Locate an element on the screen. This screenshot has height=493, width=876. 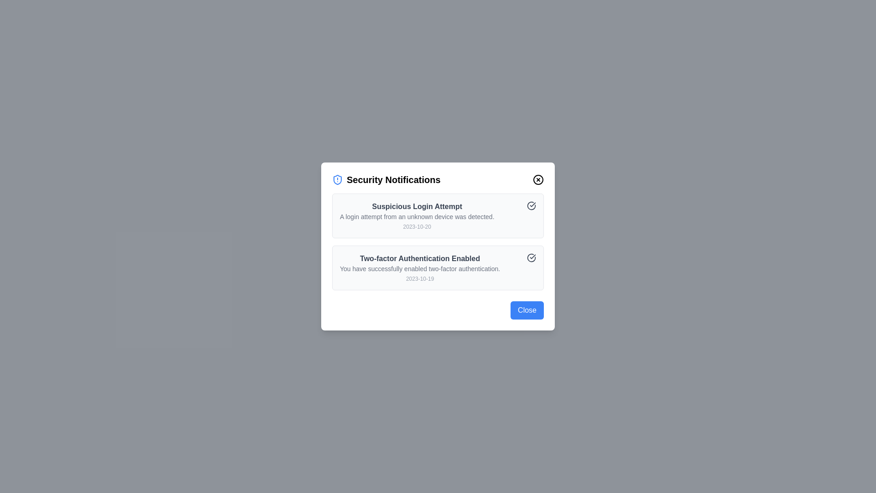
the close button located at the bottom-right corner of the 'Security Notifications' dialog to observe the hover effect is located at coordinates (438, 309).